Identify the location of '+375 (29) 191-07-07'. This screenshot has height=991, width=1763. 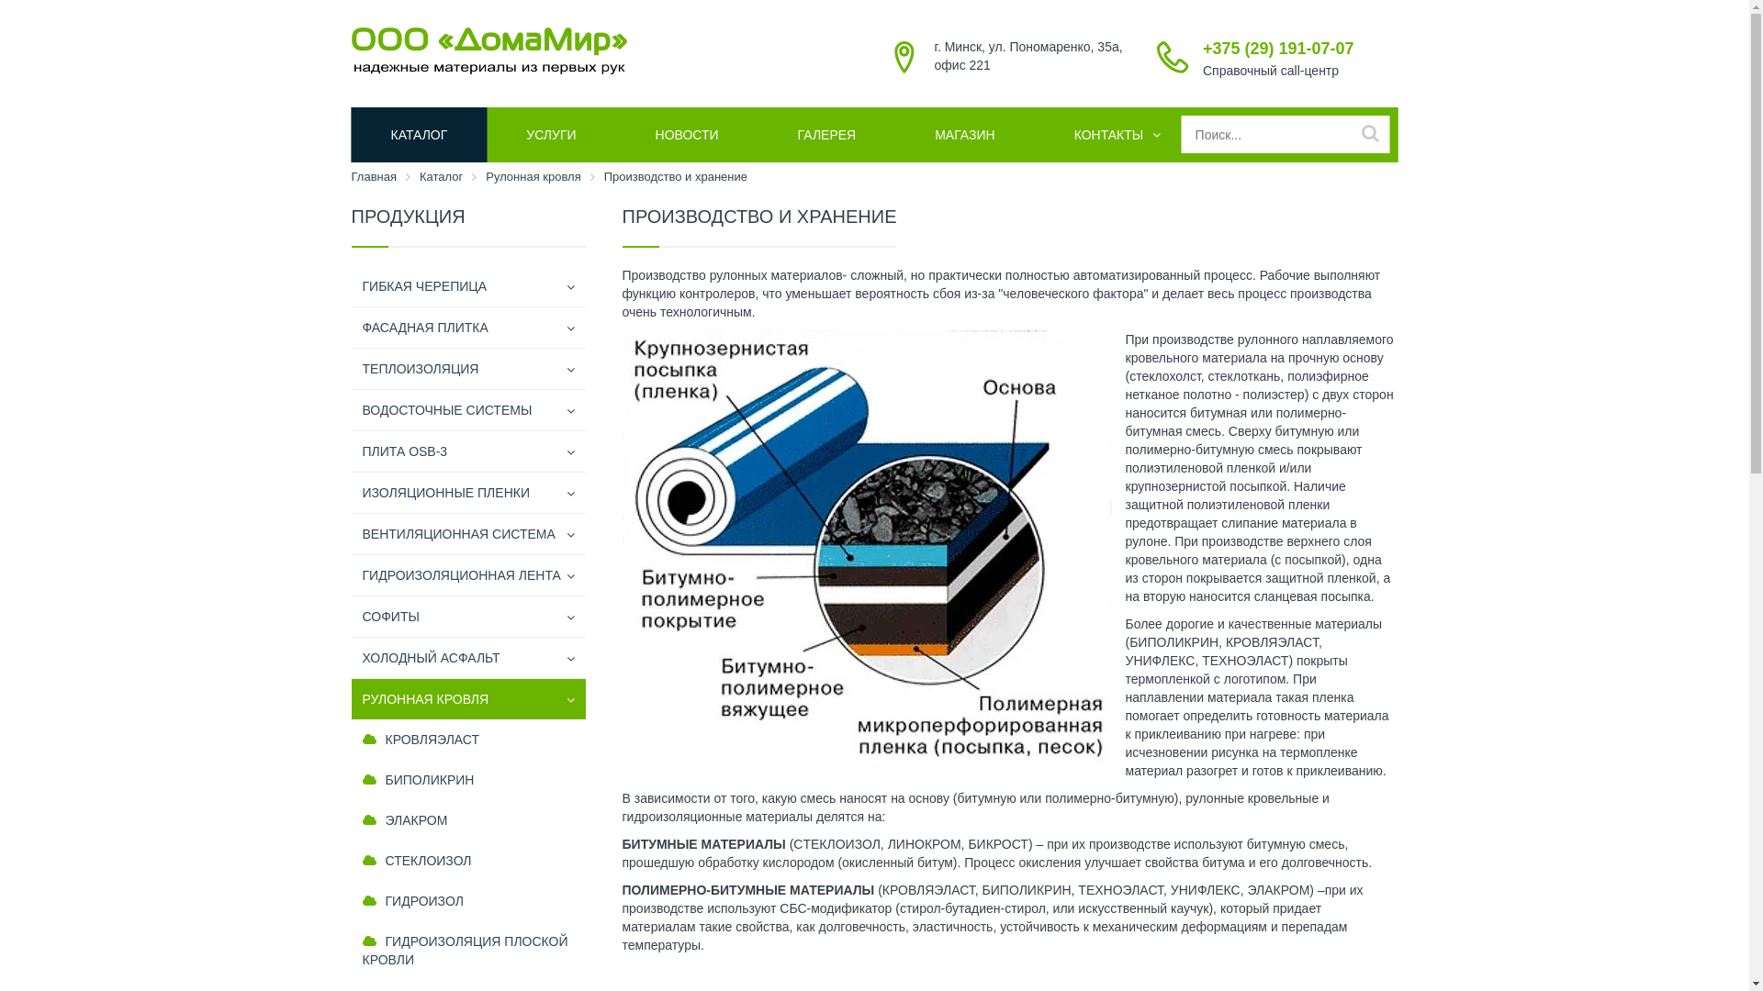
(1203, 48).